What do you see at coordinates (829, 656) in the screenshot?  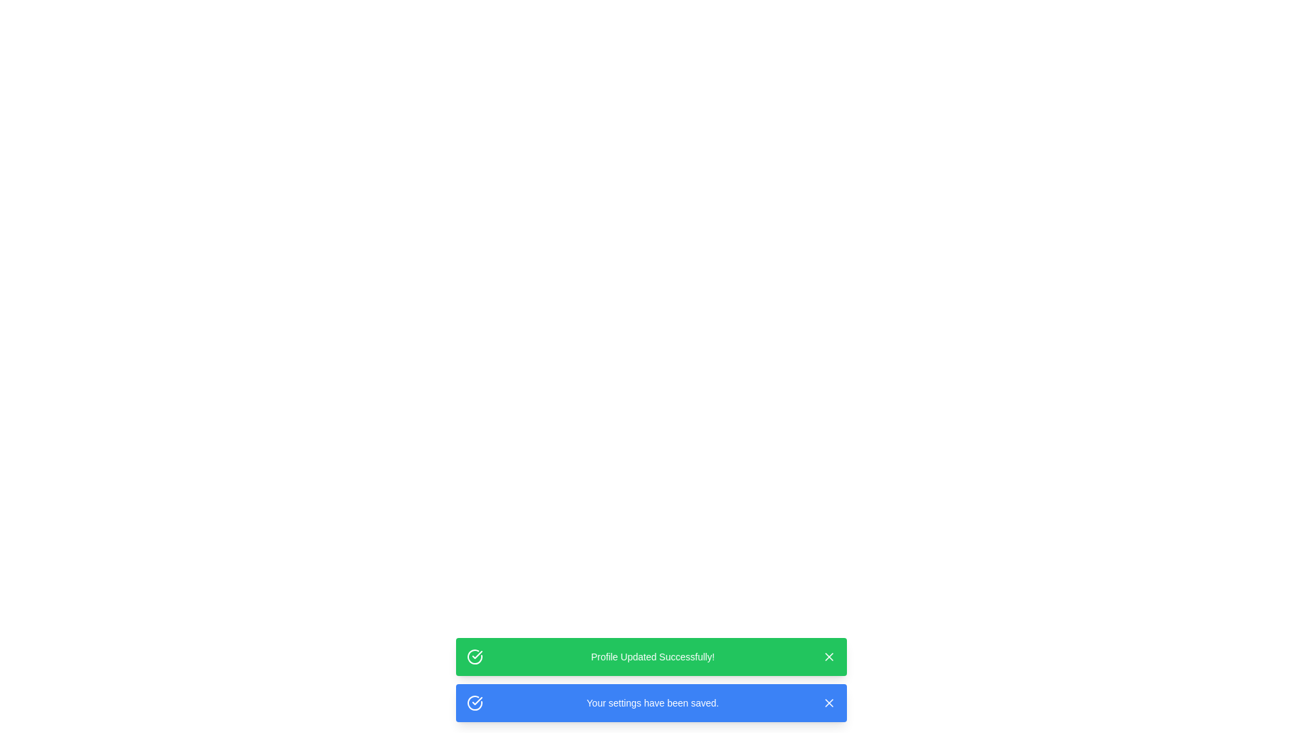 I see `the 'Close' button located on the far right side of the green notification bar` at bounding box center [829, 656].